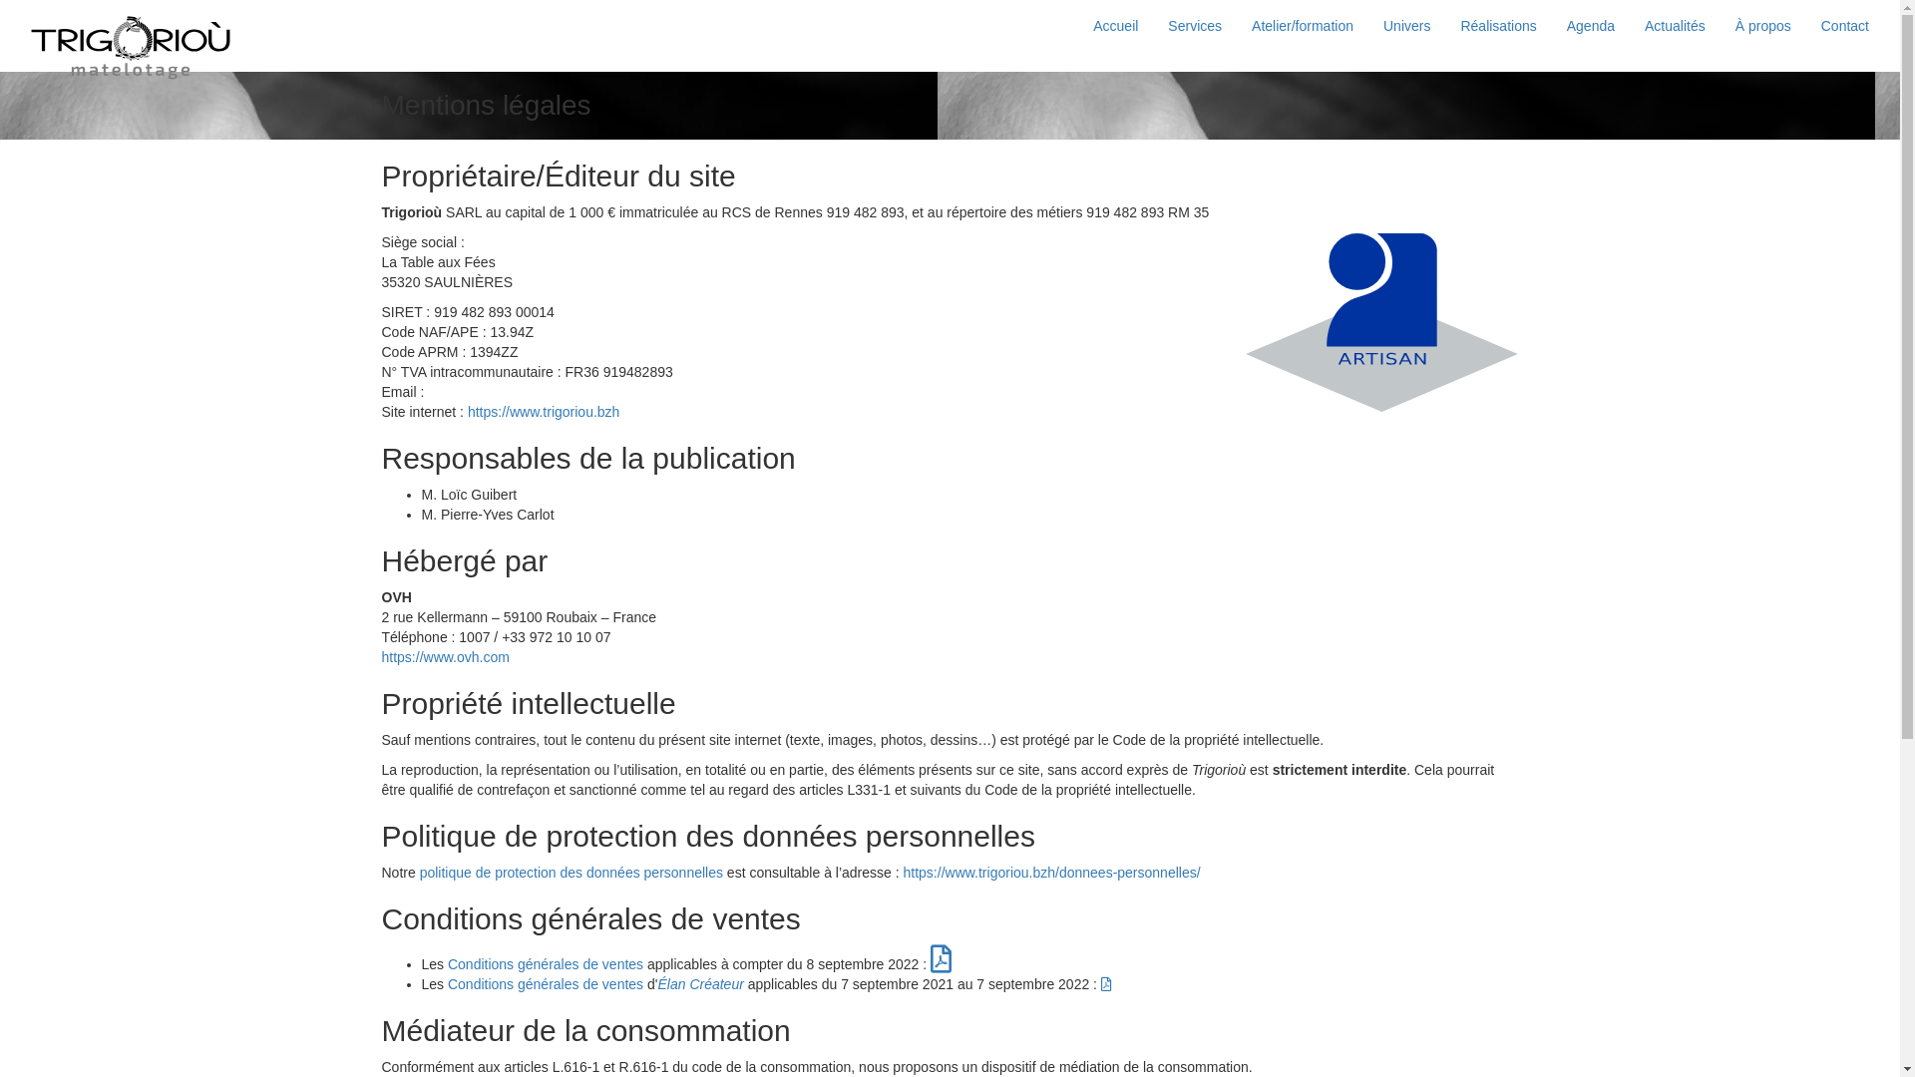 The height and width of the screenshot is (1077, 1915). I want to click on 'Accueil', so click(1114, 26).